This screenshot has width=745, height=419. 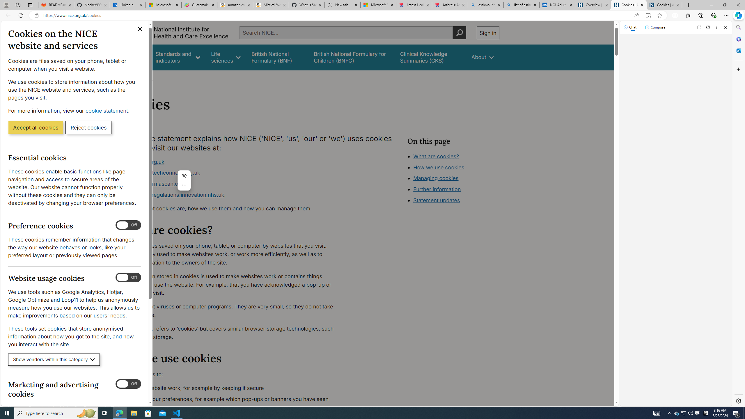 I want to click on 'Chat', so click(x=630, y=27).